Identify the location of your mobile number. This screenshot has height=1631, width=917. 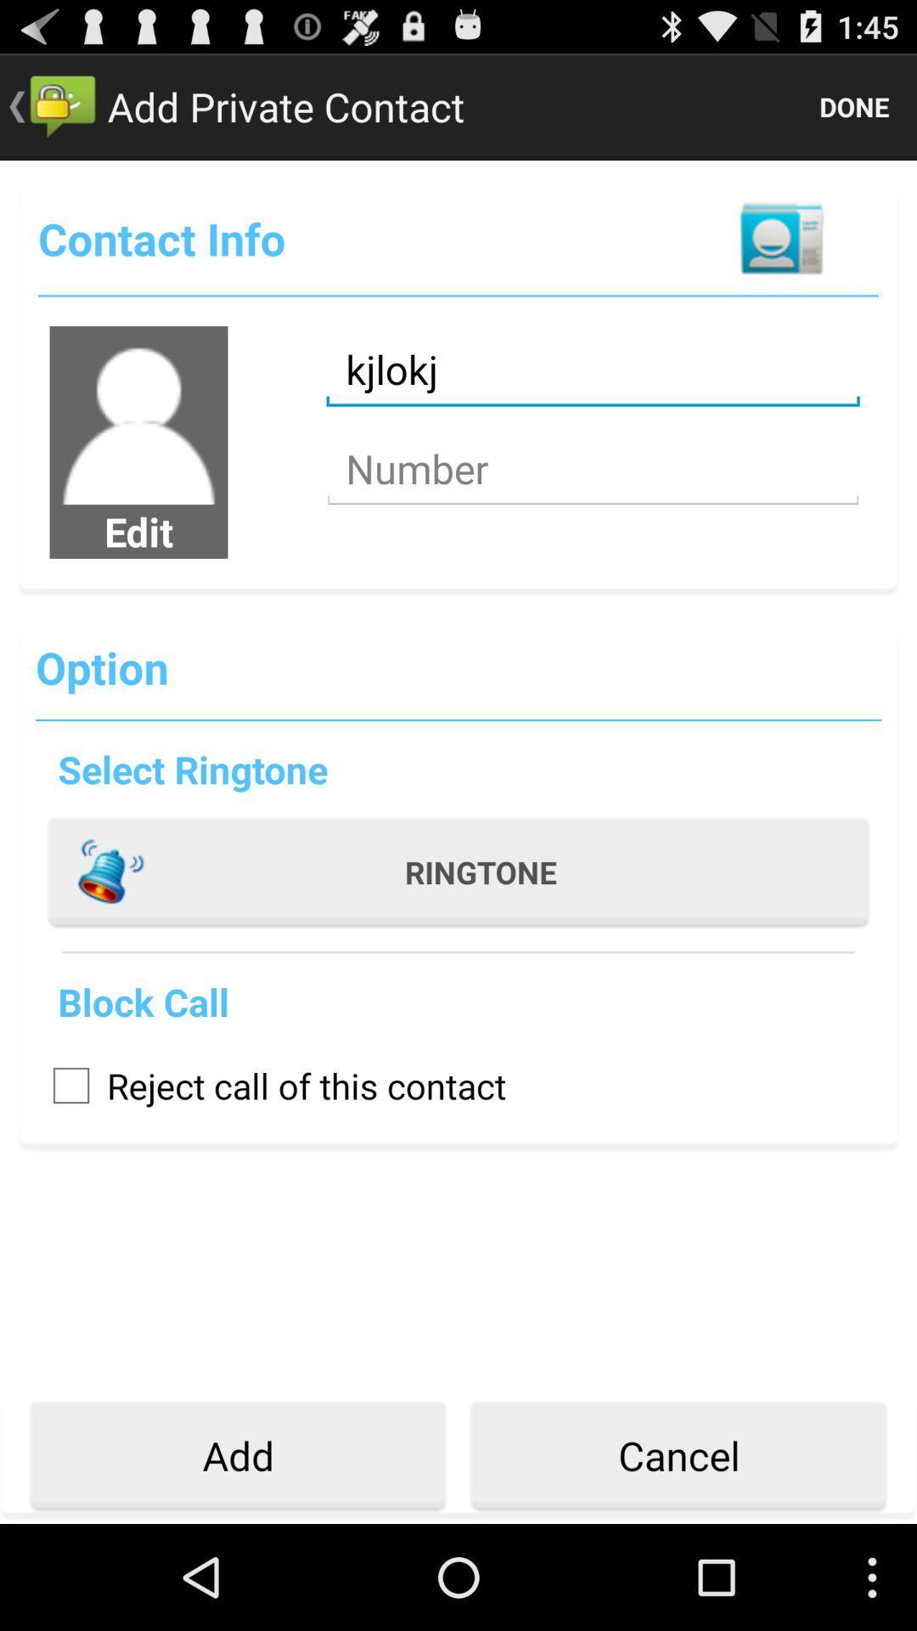
(592, 469).